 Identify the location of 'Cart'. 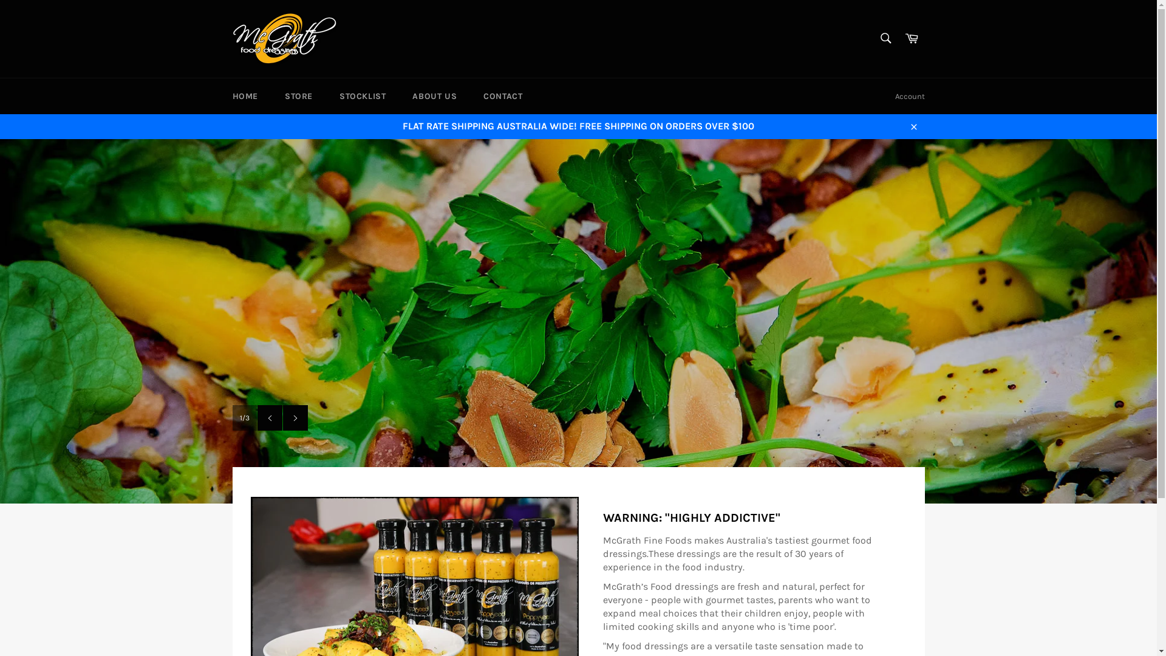
(898, 38).